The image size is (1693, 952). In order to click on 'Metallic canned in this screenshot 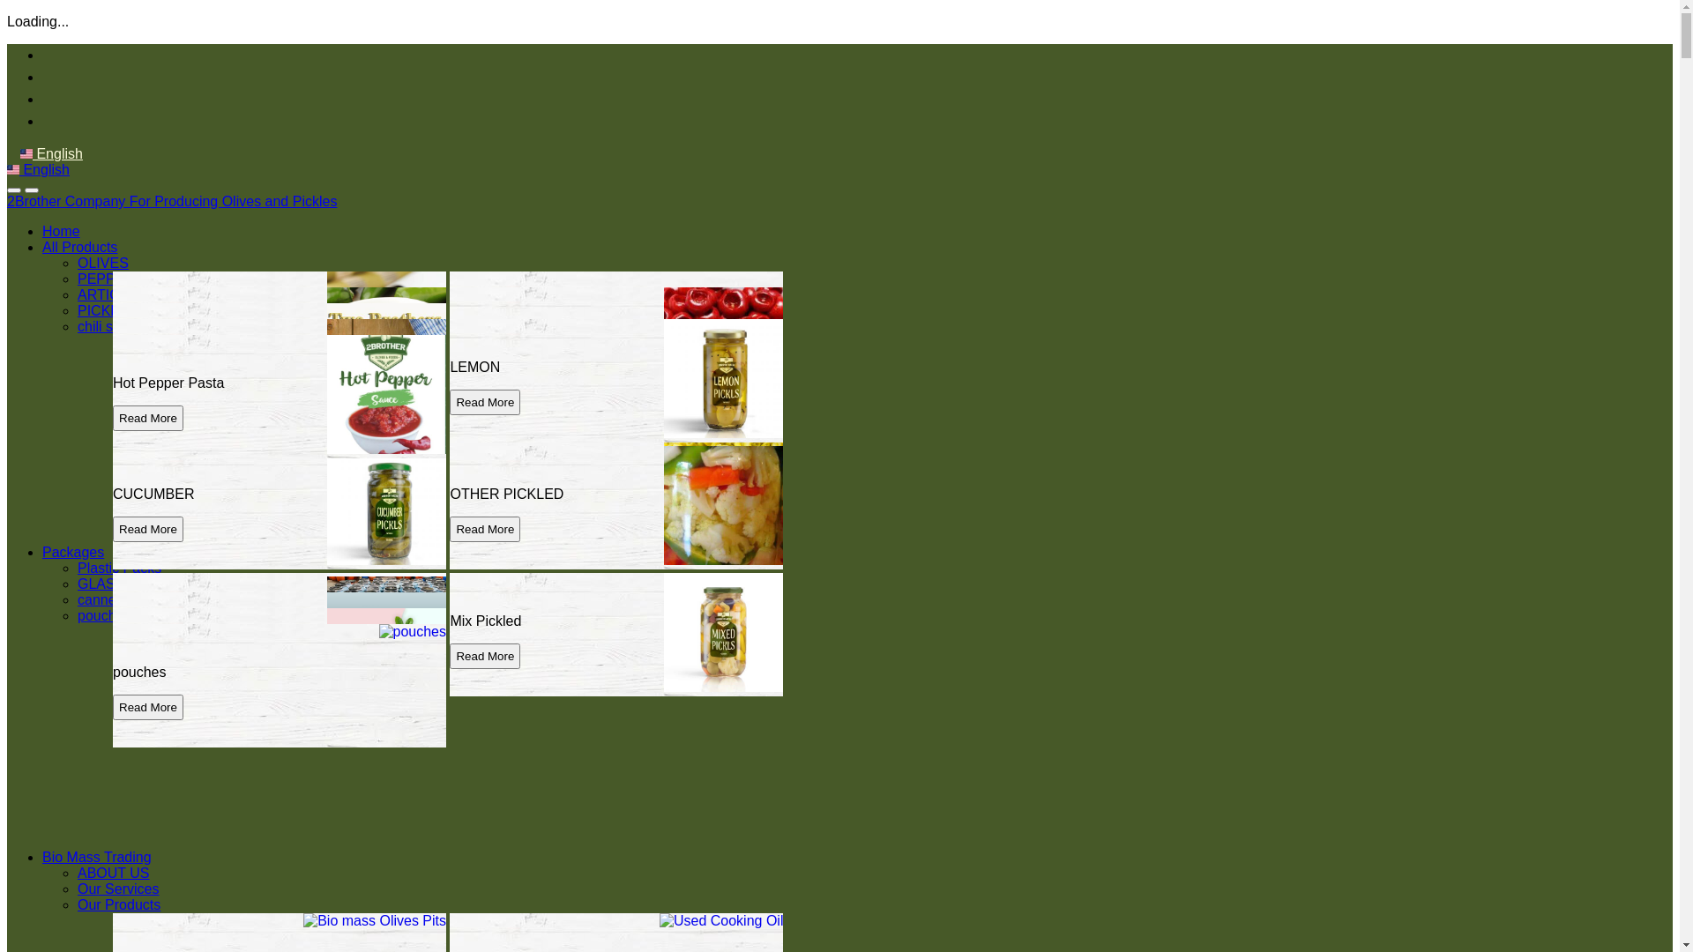, I will do `click(278, 669)`.